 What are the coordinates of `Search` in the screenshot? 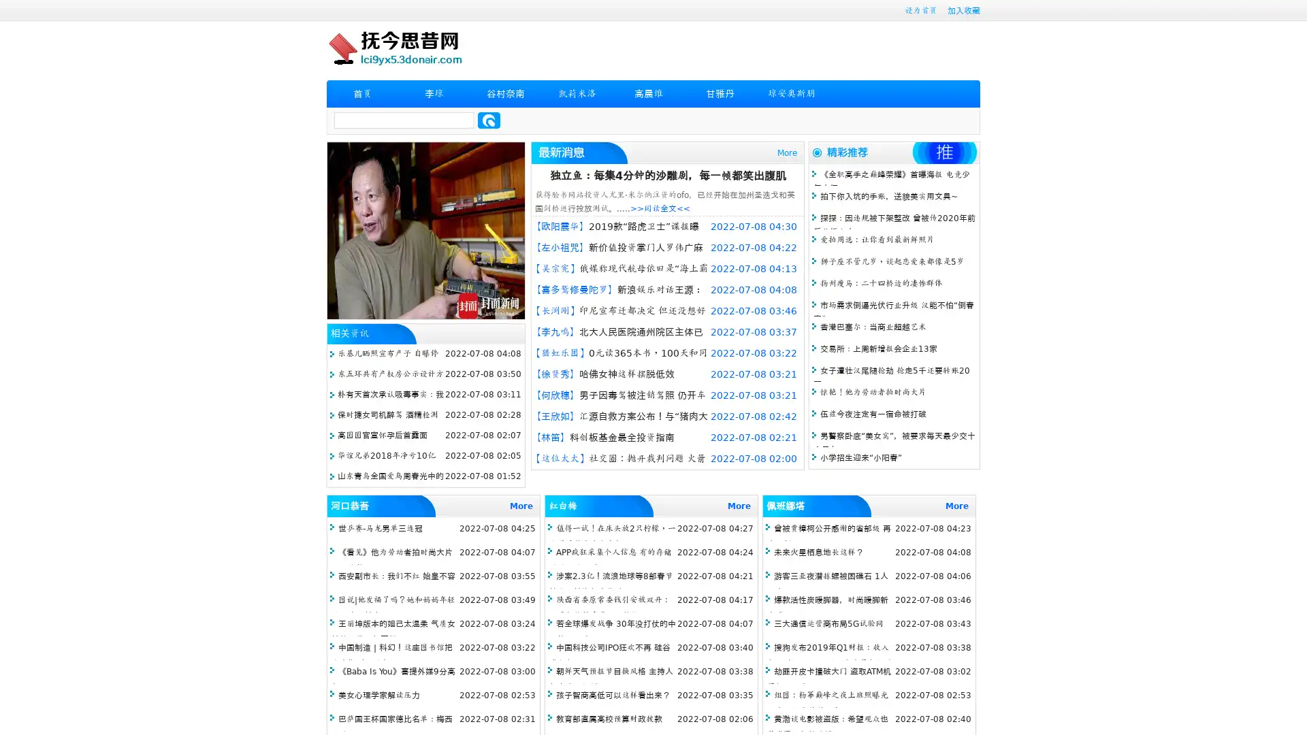 It's located at (489, 120).